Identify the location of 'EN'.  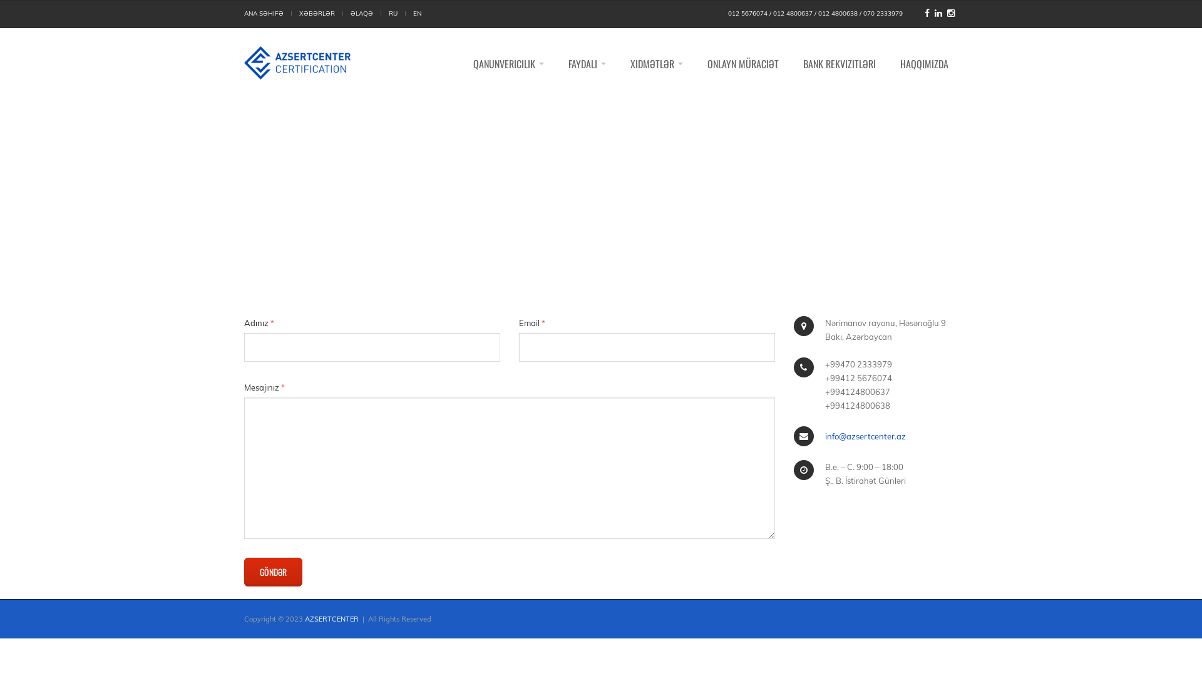
(417, 14).